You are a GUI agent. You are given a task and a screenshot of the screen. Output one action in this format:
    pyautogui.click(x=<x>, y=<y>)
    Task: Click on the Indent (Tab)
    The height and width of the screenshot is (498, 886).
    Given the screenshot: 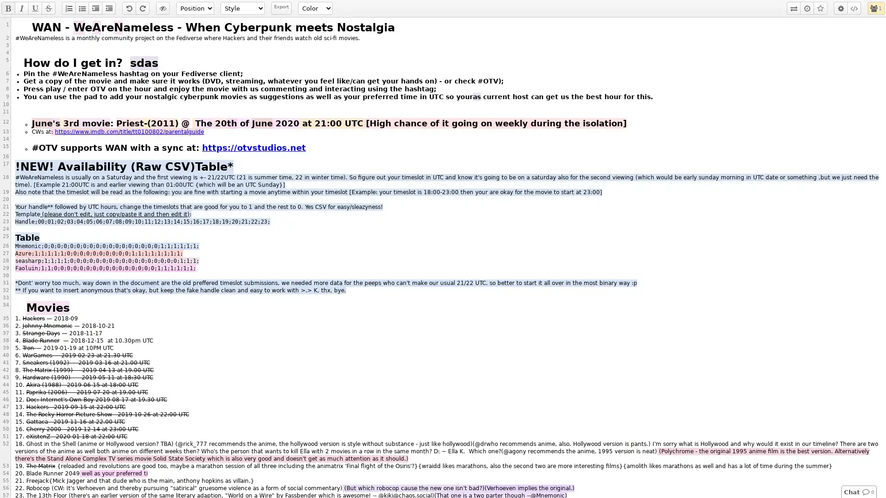 What is the action you would take?
    pyautogui.click(x=95, y=8)
    